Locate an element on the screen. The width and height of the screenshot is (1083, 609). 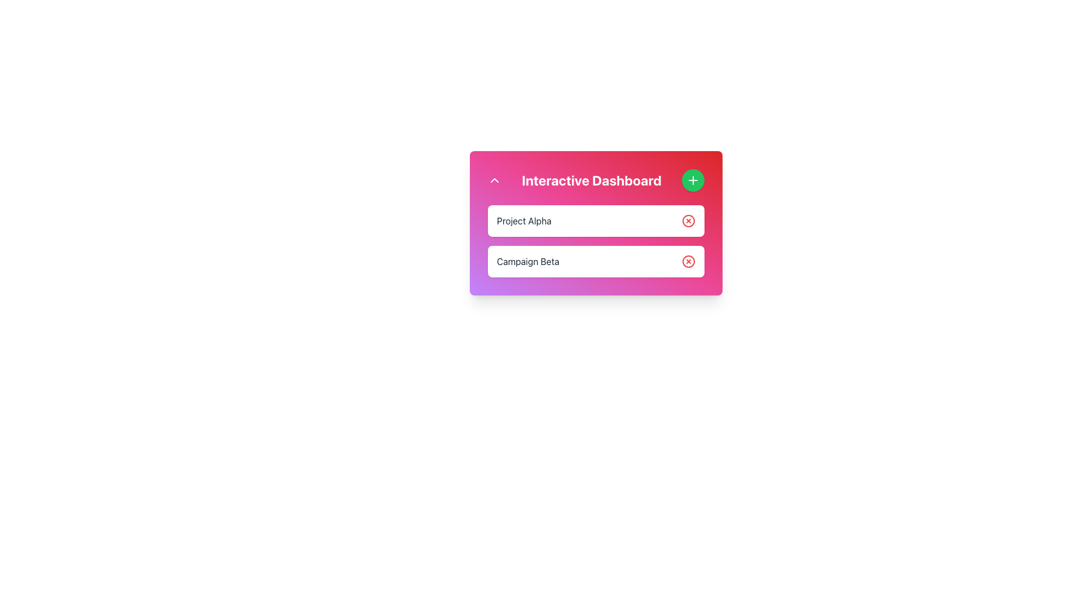
the circular green button with a white plus symbol in the top-right corner of the 'Interactive Dashboard' card to observe a visual change is located at coordinates (692, 180).